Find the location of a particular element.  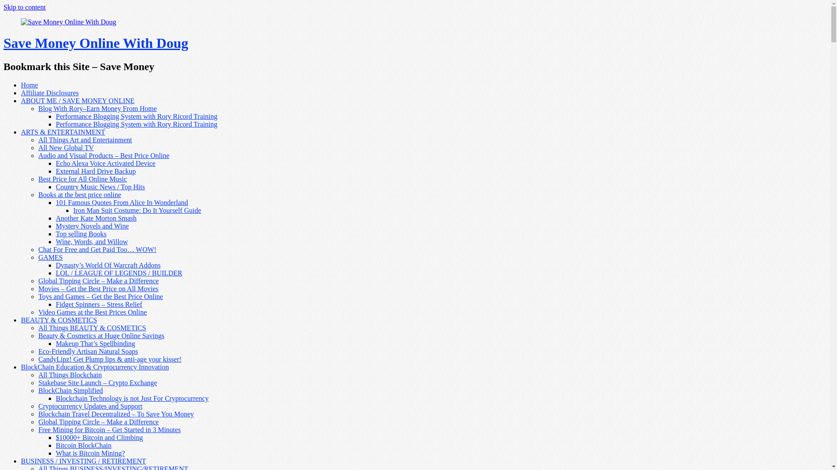

'Home' is located at coordinates (29, 85).